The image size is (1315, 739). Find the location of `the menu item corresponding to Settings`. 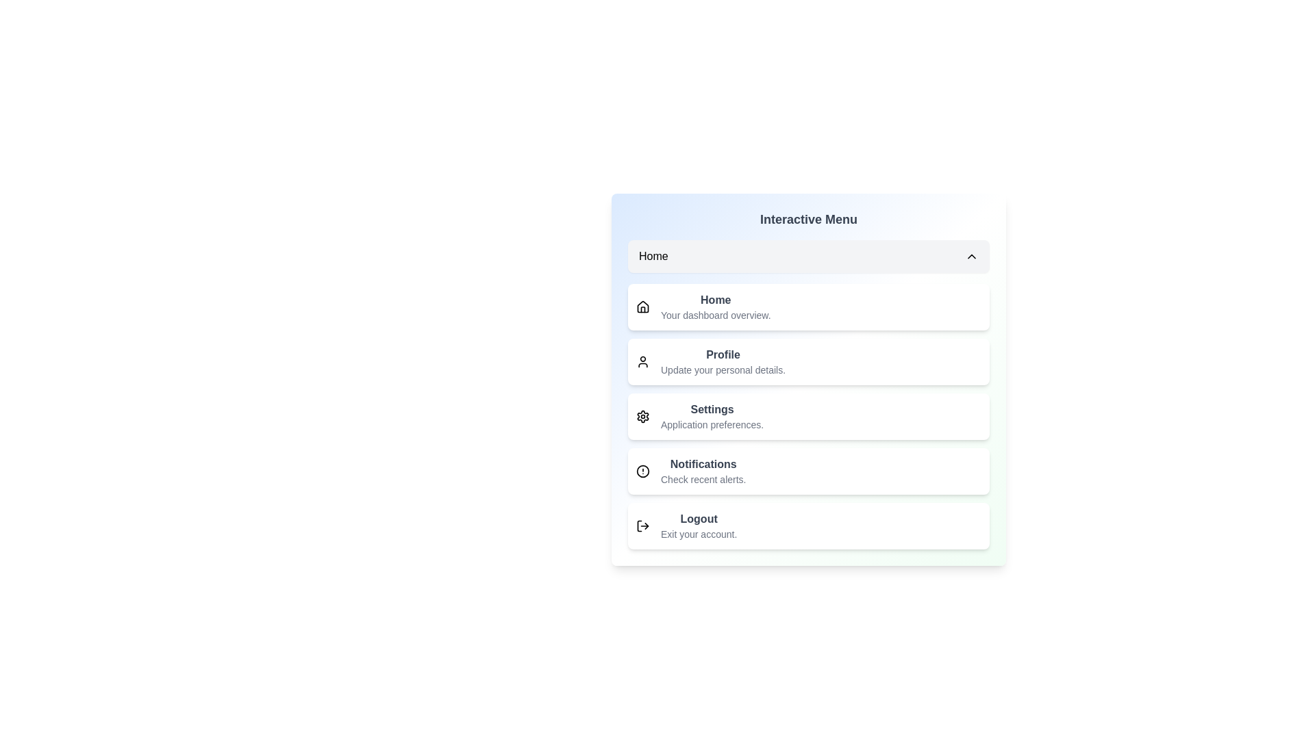

the menu item corresponding to Settings is located at coordinates (808, 416).